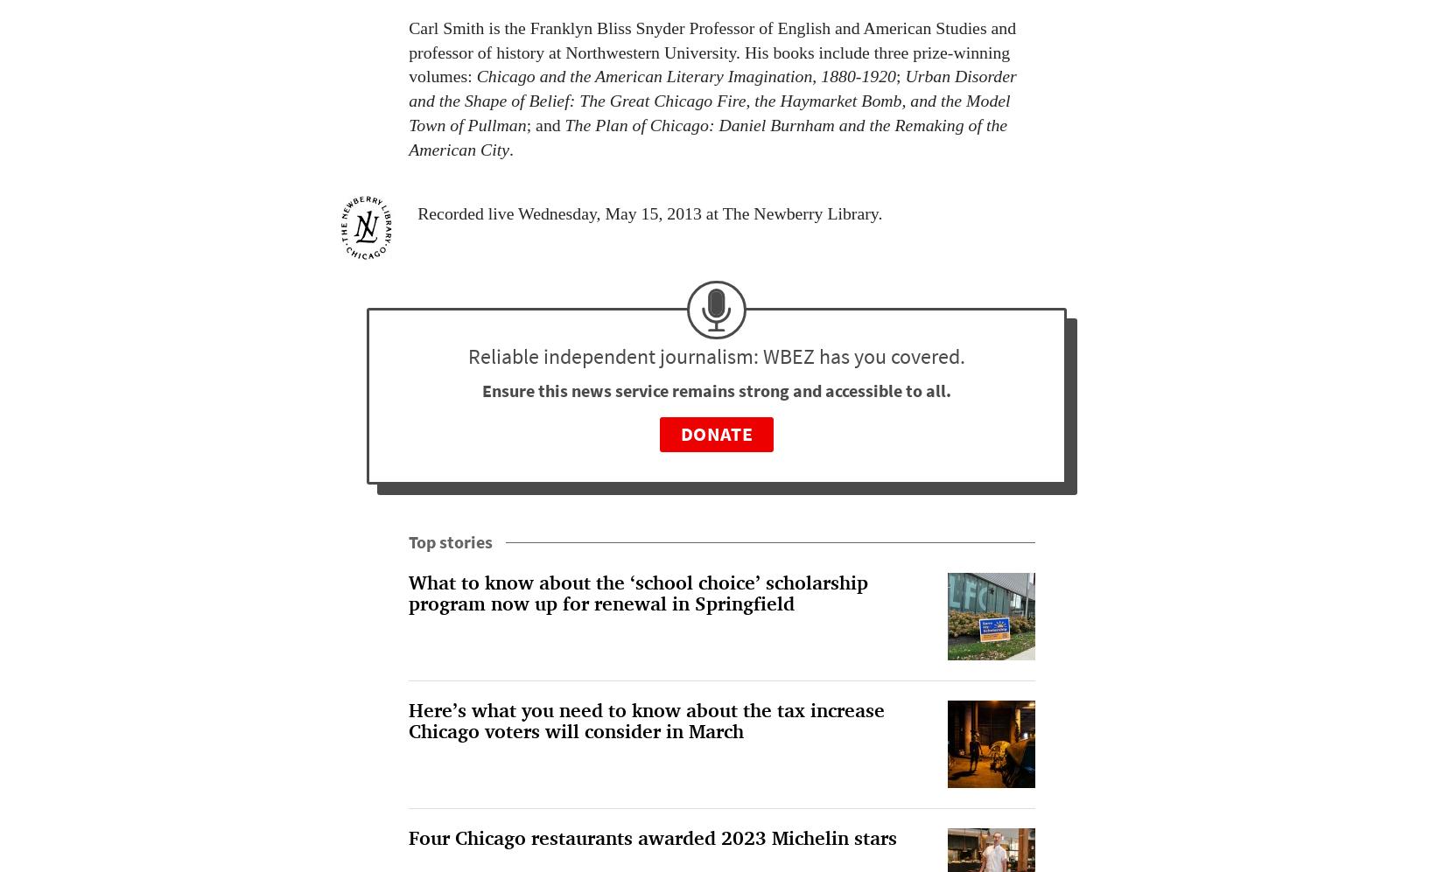 The image size is (1444, 872). What do you see at coordinates (900, 75) in the screenshot?
I see `';'` at bounding box center [900, 75].